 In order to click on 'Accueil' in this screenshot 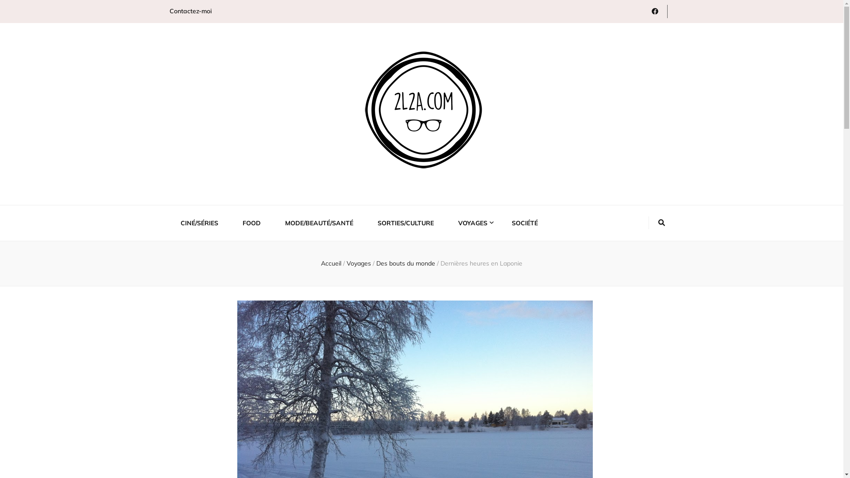, I will do `click(331, 262)`.